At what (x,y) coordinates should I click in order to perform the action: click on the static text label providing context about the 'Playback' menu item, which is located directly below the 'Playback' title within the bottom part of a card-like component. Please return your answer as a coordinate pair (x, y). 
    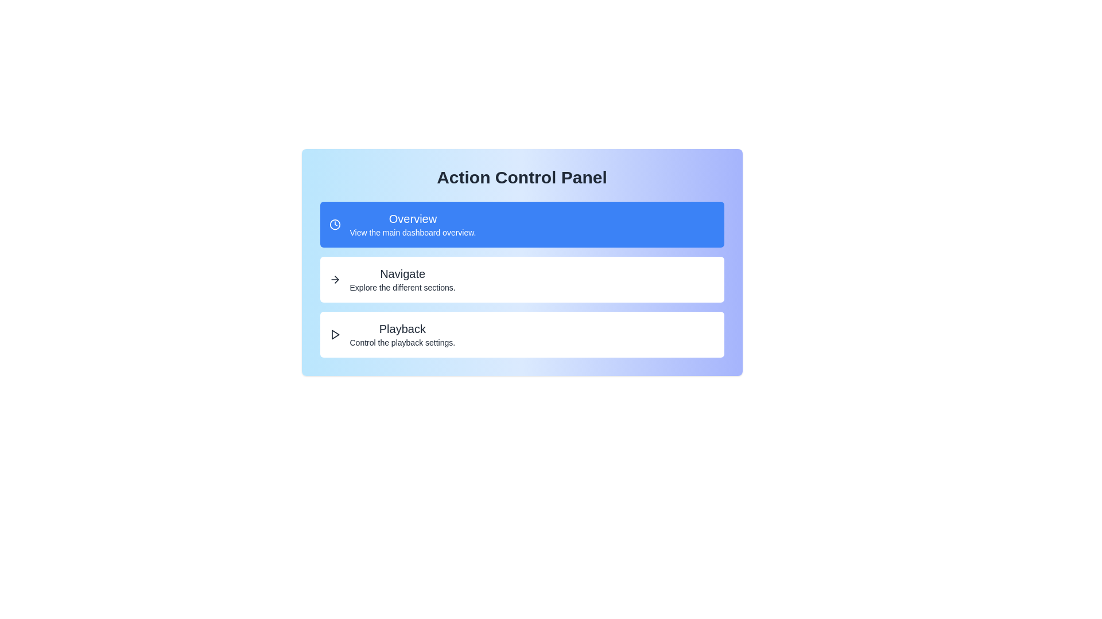
    Looking at the image, I should click on (402, 342).